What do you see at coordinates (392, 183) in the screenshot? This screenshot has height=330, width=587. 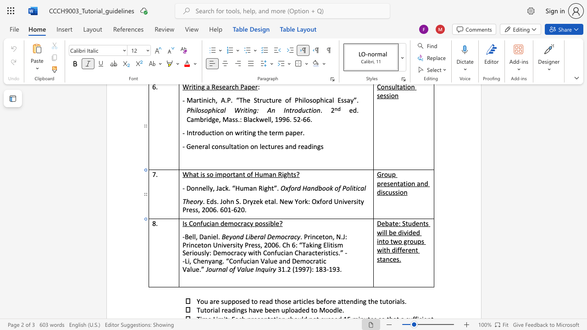 I see `the 2th character "e" in the text` at bounding box center [392, 183].